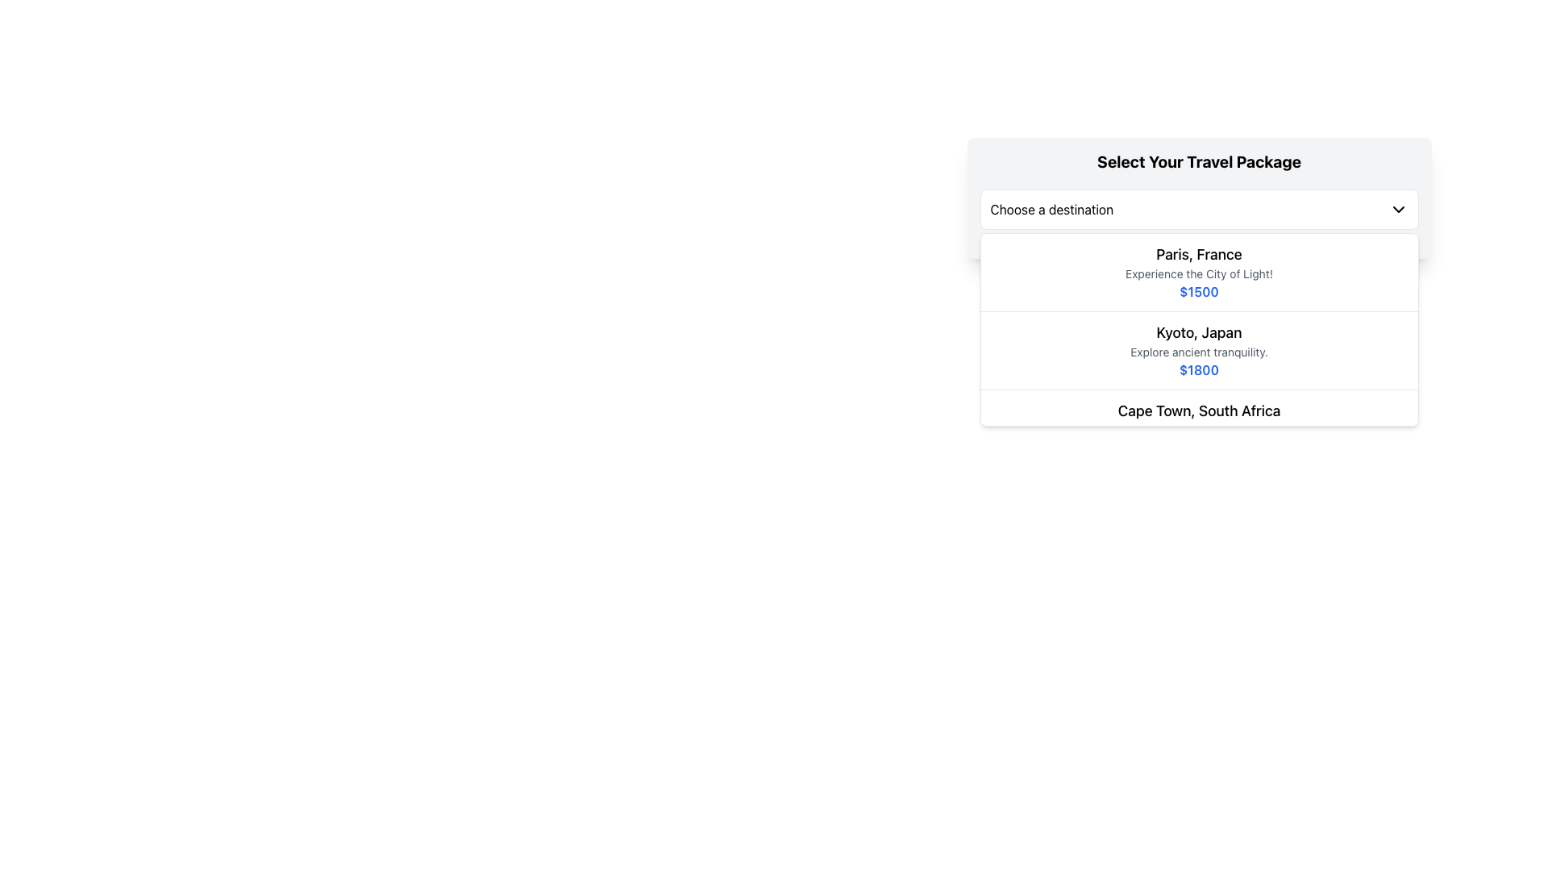  Describe the element at coordinates (1199, 328) in the screenshot. I see `to select the 'Kyoto, Japan' option from the dropdown menu under the 'Choose a destination' field` at that location.